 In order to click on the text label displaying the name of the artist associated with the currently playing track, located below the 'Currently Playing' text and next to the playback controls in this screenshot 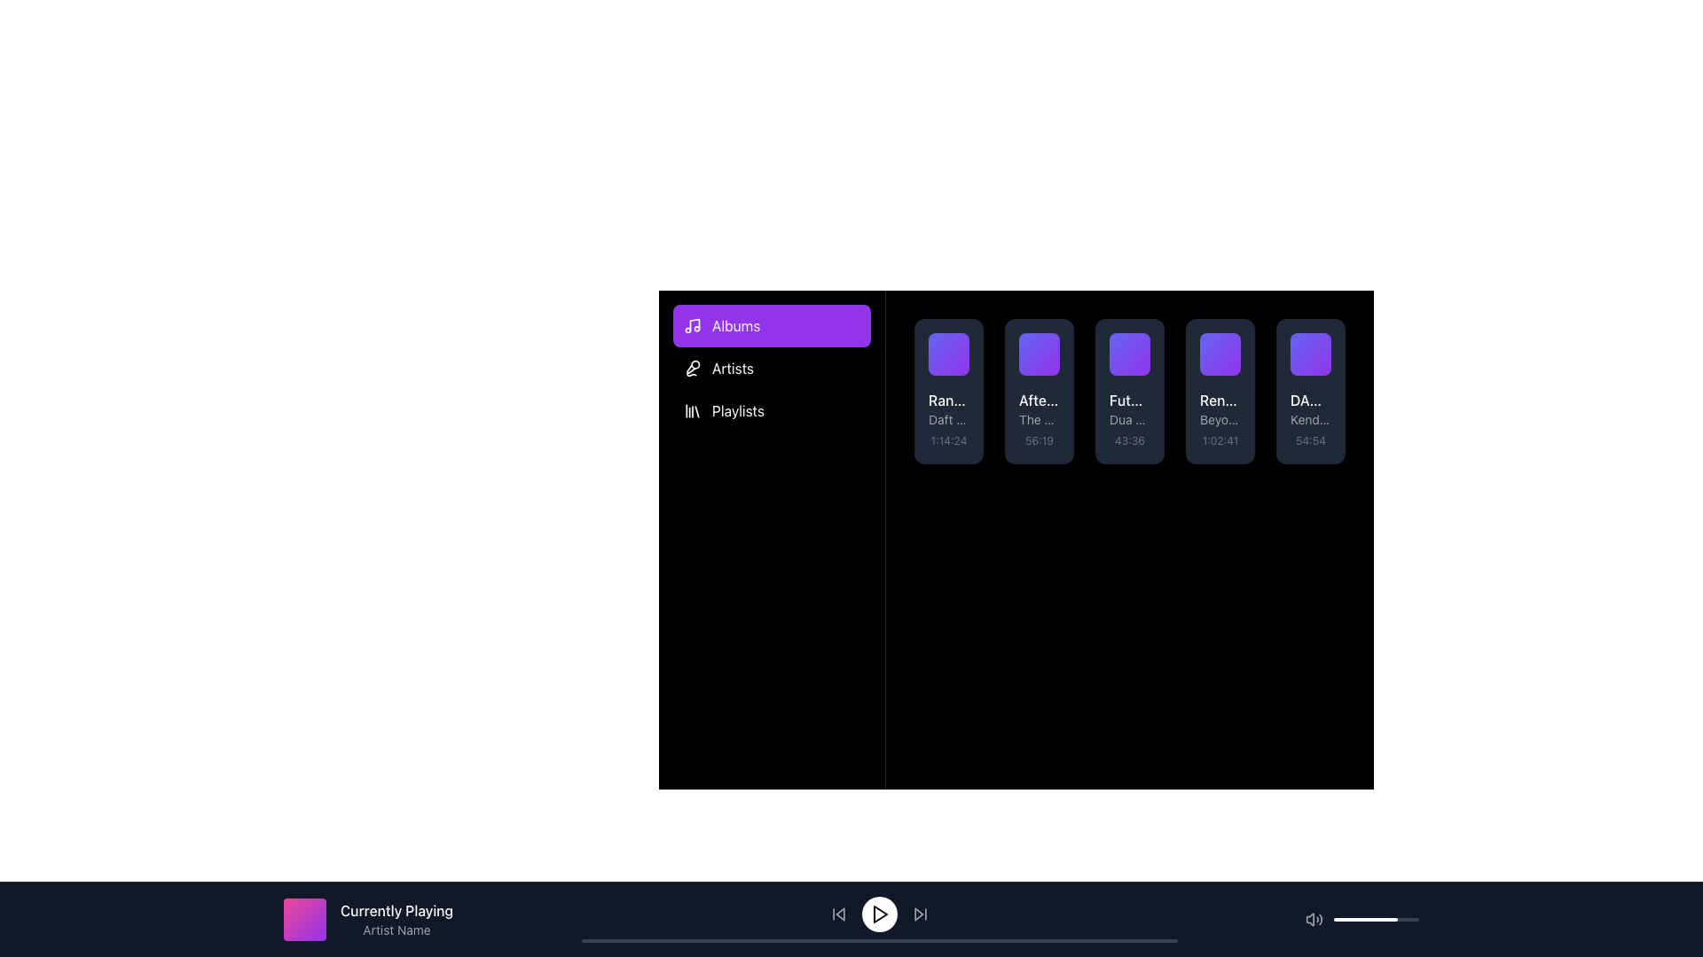, I will do `click(396, 929)`.